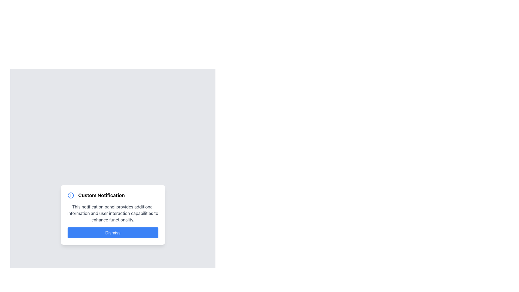 The height and width of the screenshot is (292, 519). I want to click on the Notification Panel, which is a white rectangular card with rounded corners containing a bold title 'Custom Notification' and descriptive text in gray, so click(112, 214).